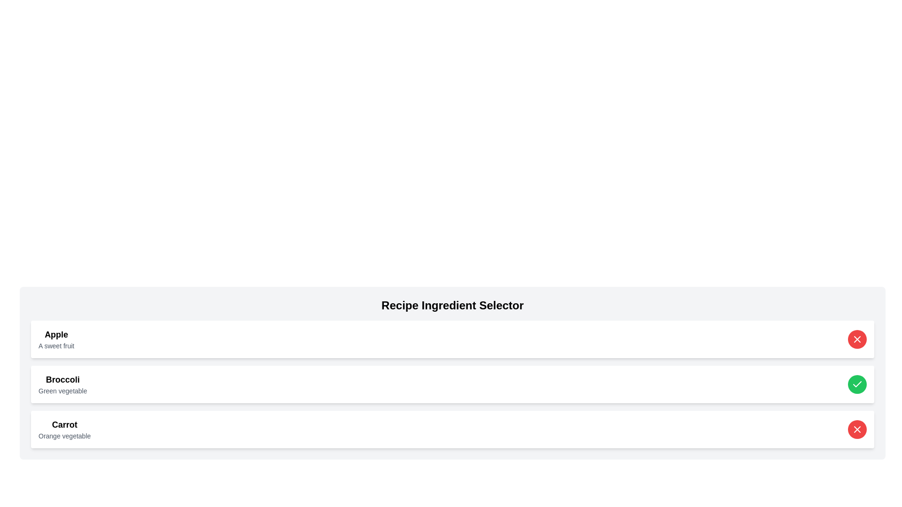 This screenshot has height=507, width=902. I want to click on the red circular icon button, so click(857, 339).